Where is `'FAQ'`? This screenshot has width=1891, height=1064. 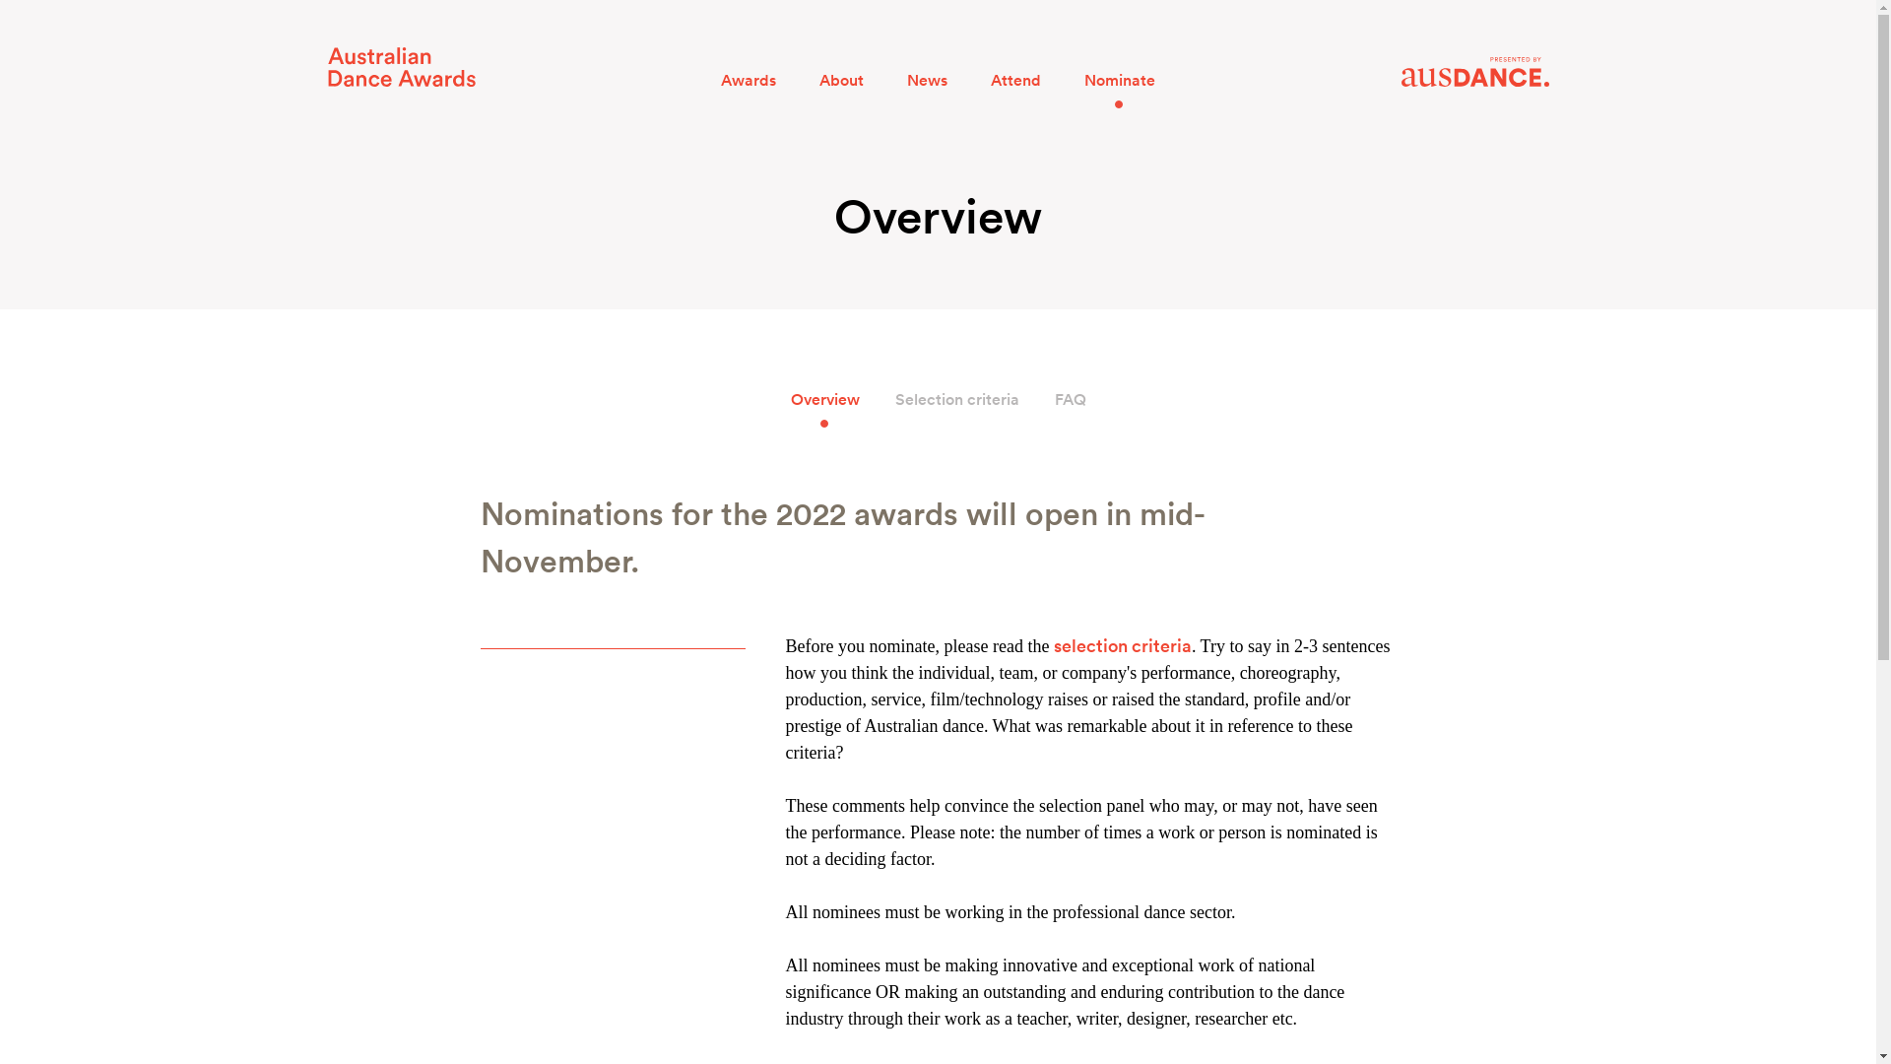 'FAQ' is located at coordinates (1068, 399).